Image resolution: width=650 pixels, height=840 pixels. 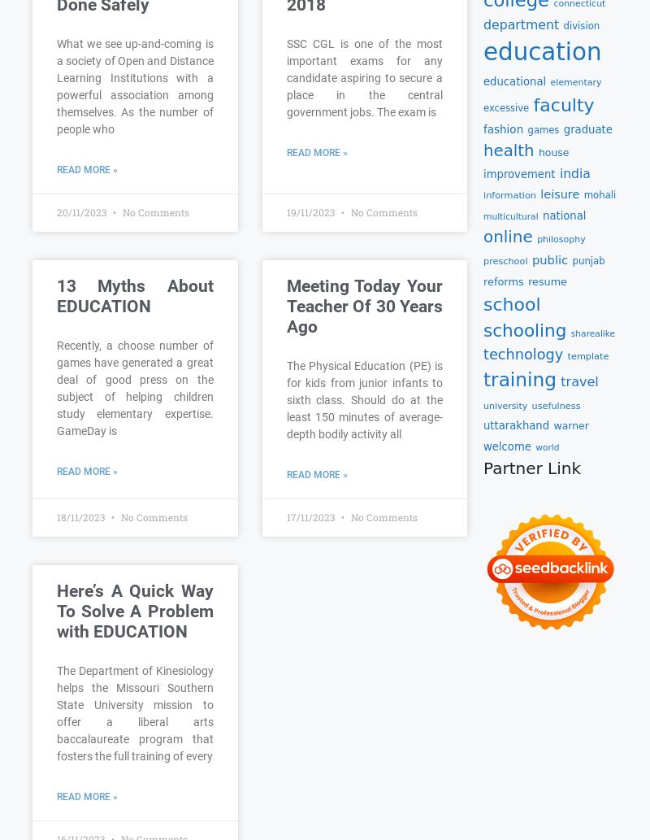 I want to click on 'welcome', so click(x=507, y=445).